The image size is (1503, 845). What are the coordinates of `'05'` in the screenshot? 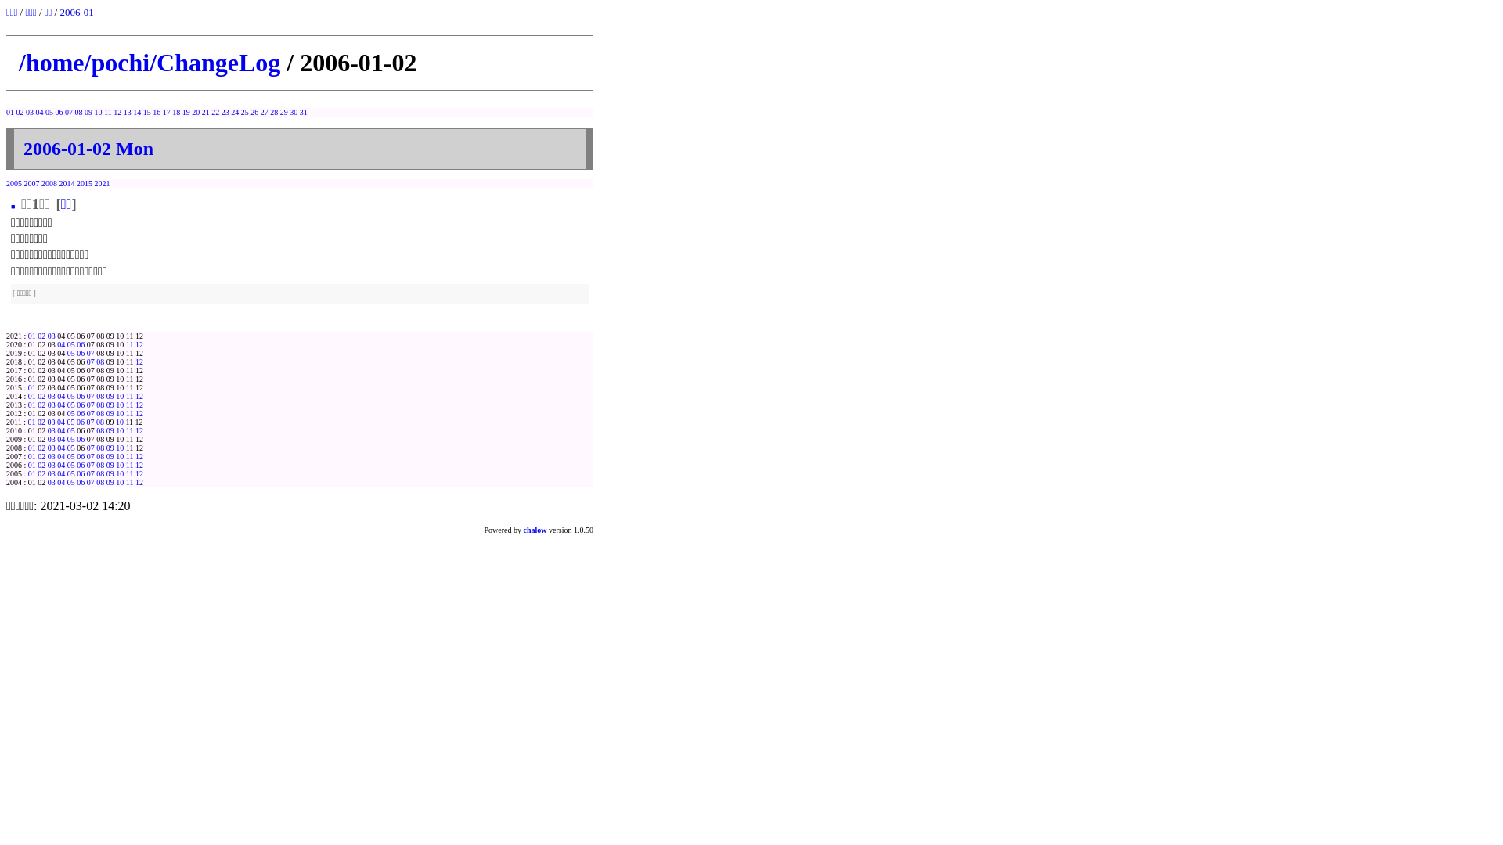 It's located at (70, 439).